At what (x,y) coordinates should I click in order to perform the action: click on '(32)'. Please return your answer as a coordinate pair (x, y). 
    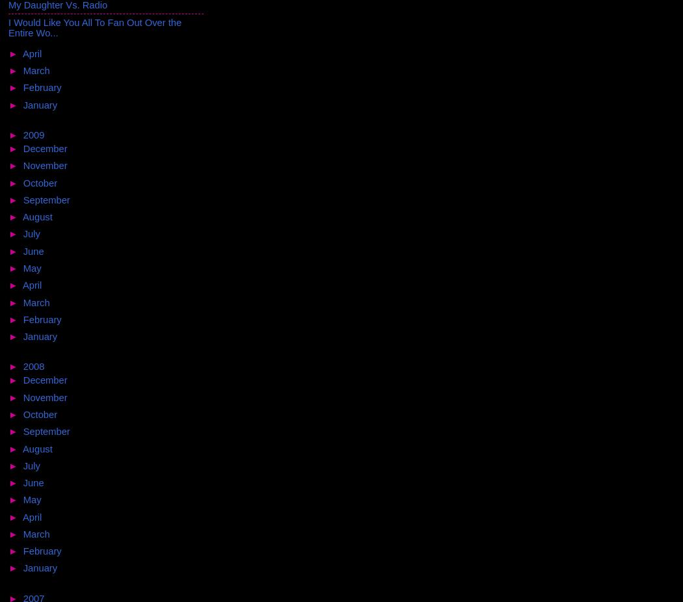
    Looking at the image, I should click on (68, 568).